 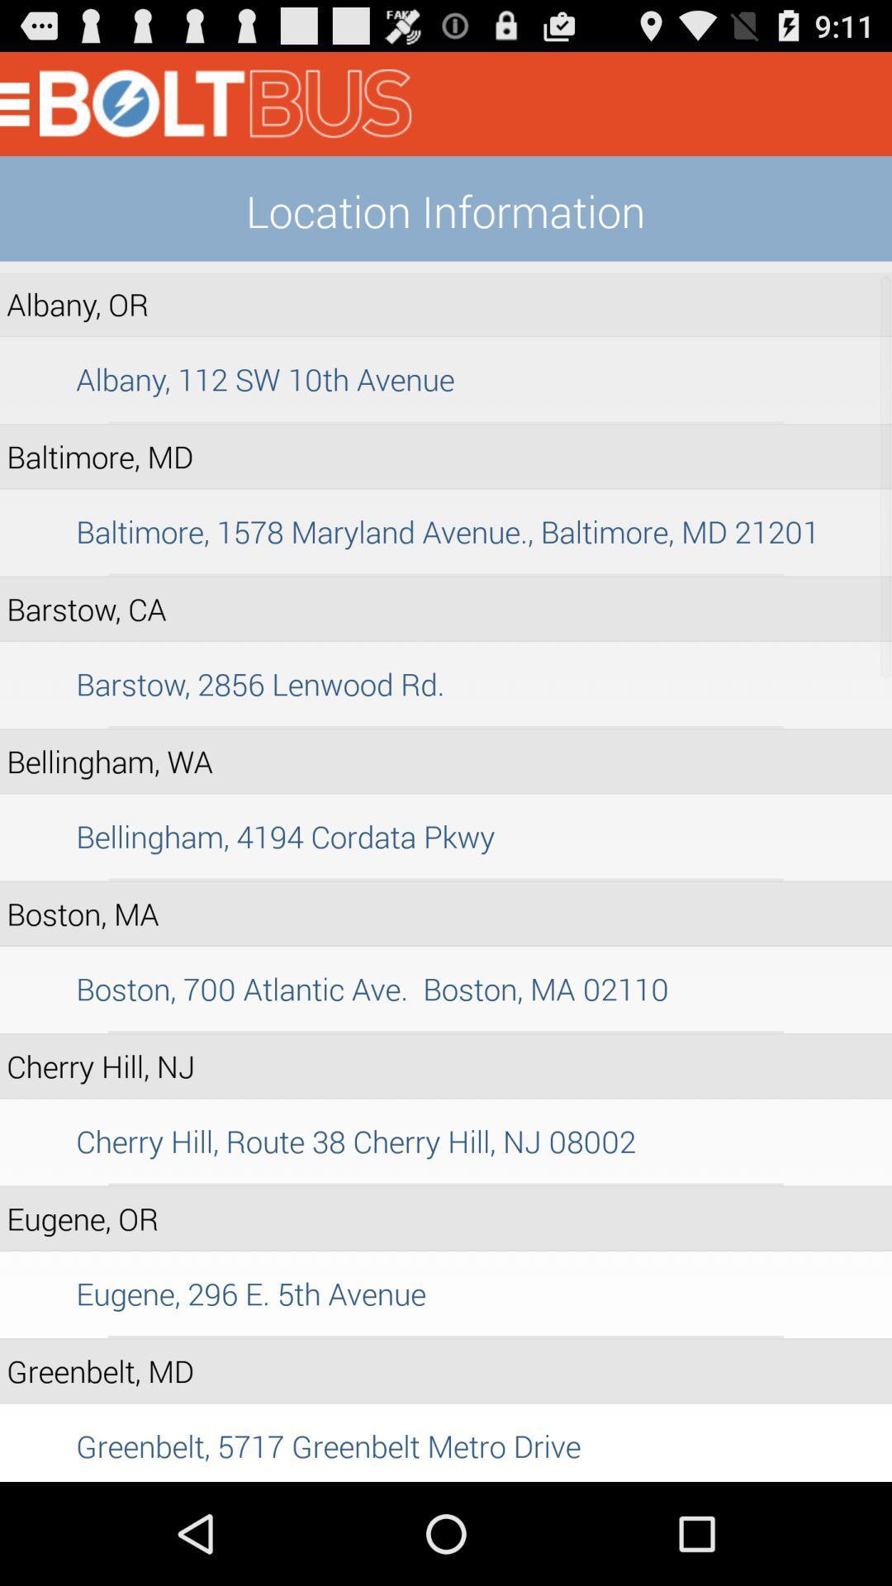 What do you see at coordinates (446, 1337) in the screenshot?
I see `the item above greenbelt, md icon` at bounding box center [446, 1337].